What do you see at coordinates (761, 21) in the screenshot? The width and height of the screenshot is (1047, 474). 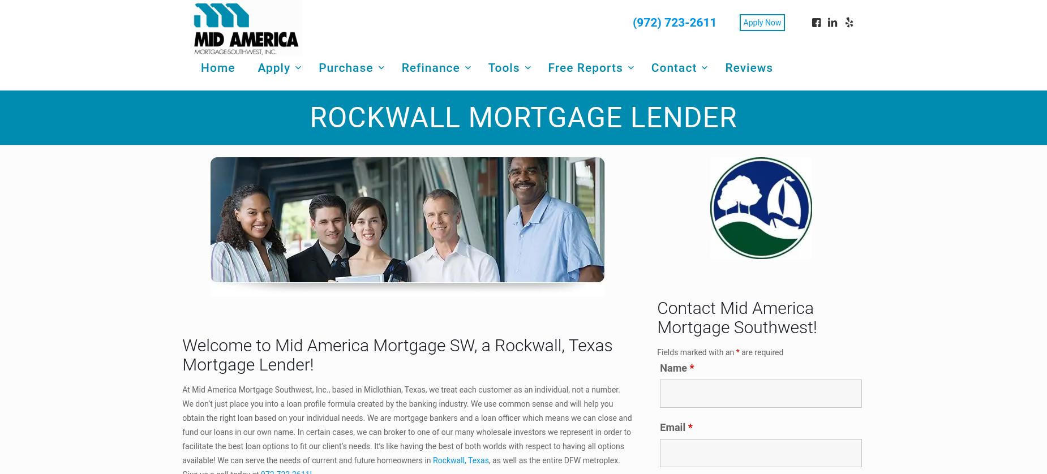 I see `'Apply Now'` at bounding box center [761, 21].